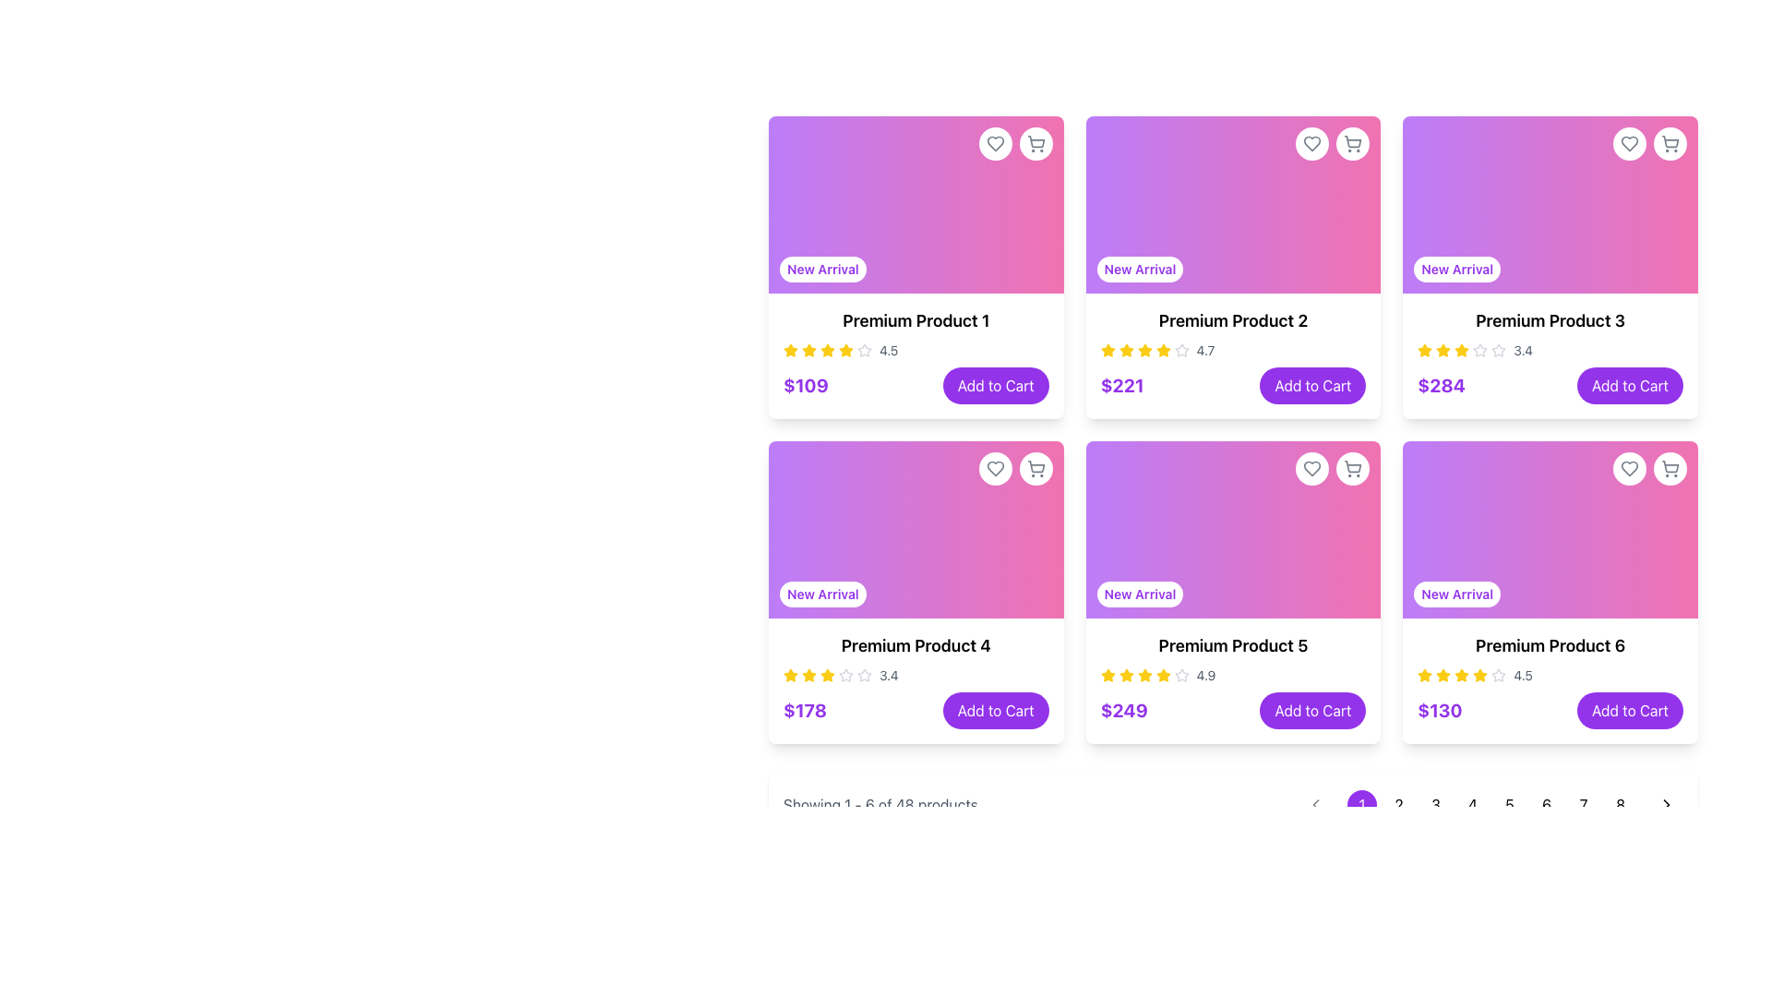 The image size is (1772, 997). What do you see at coordinates (1233, 530) in the screenshot?
I see `associated metadata of the Decorative product badge located in the fifth item of the second row in the product grid` at bounding box center [1233, 530].